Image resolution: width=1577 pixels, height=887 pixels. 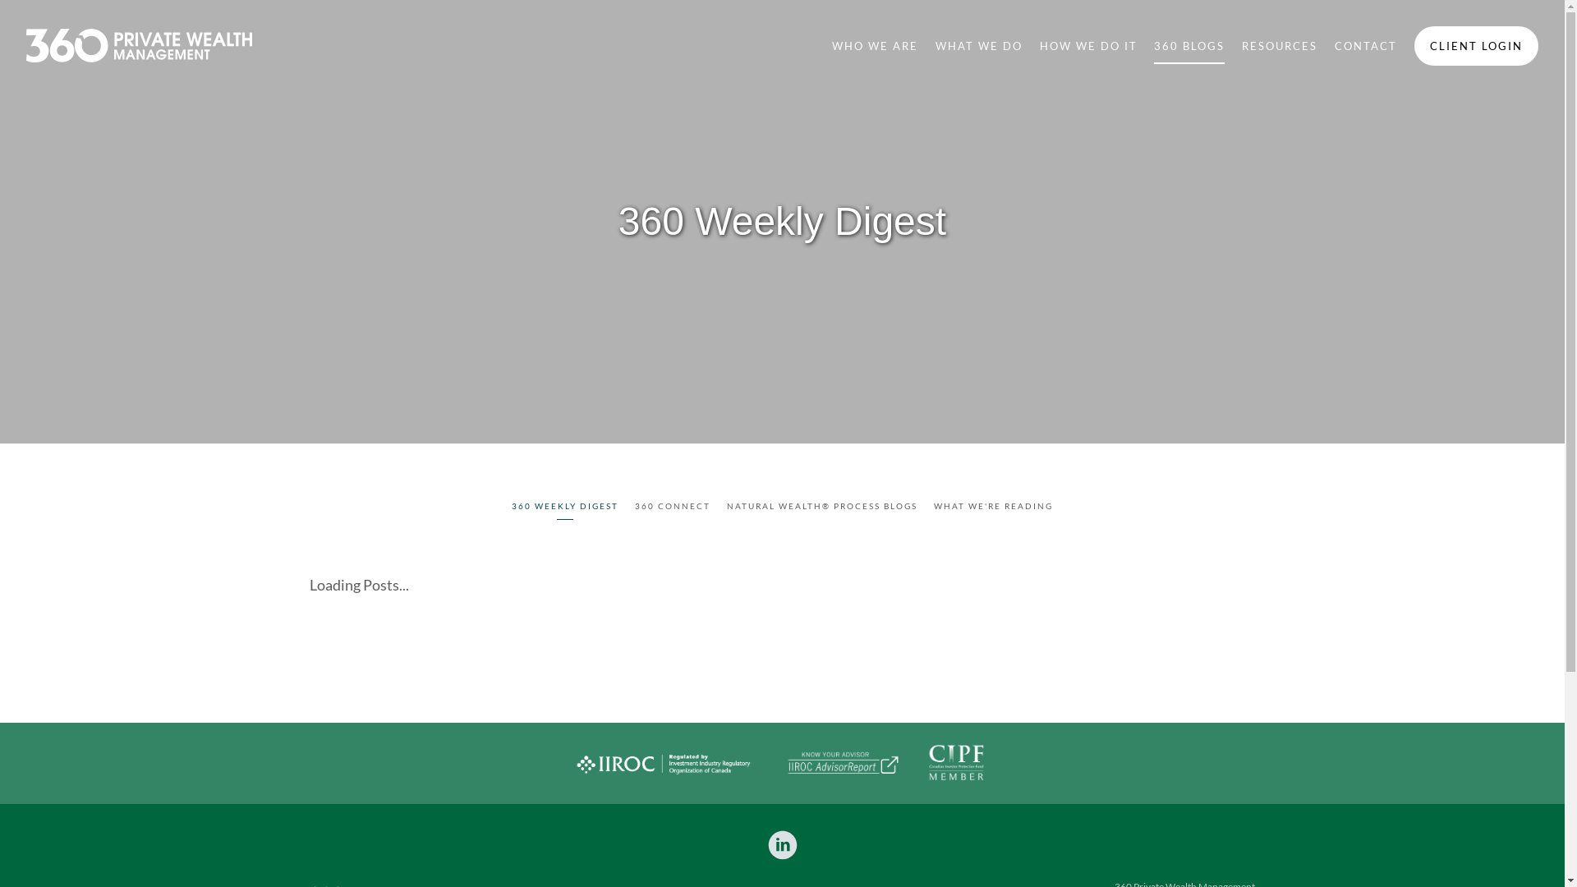 I want to click on 'WHAT WE'RE READING', so click(x=992, y=507).